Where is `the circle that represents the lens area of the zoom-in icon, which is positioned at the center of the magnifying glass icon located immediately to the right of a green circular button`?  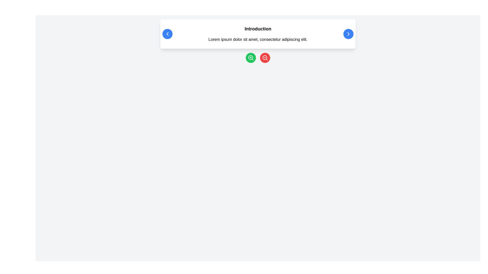 the circle that represents the lens area of the zoom-in icon, which is positioned at the center of the magnifying glass icon located immediately to the right of a green circular button is located at coordinates (250, 57).